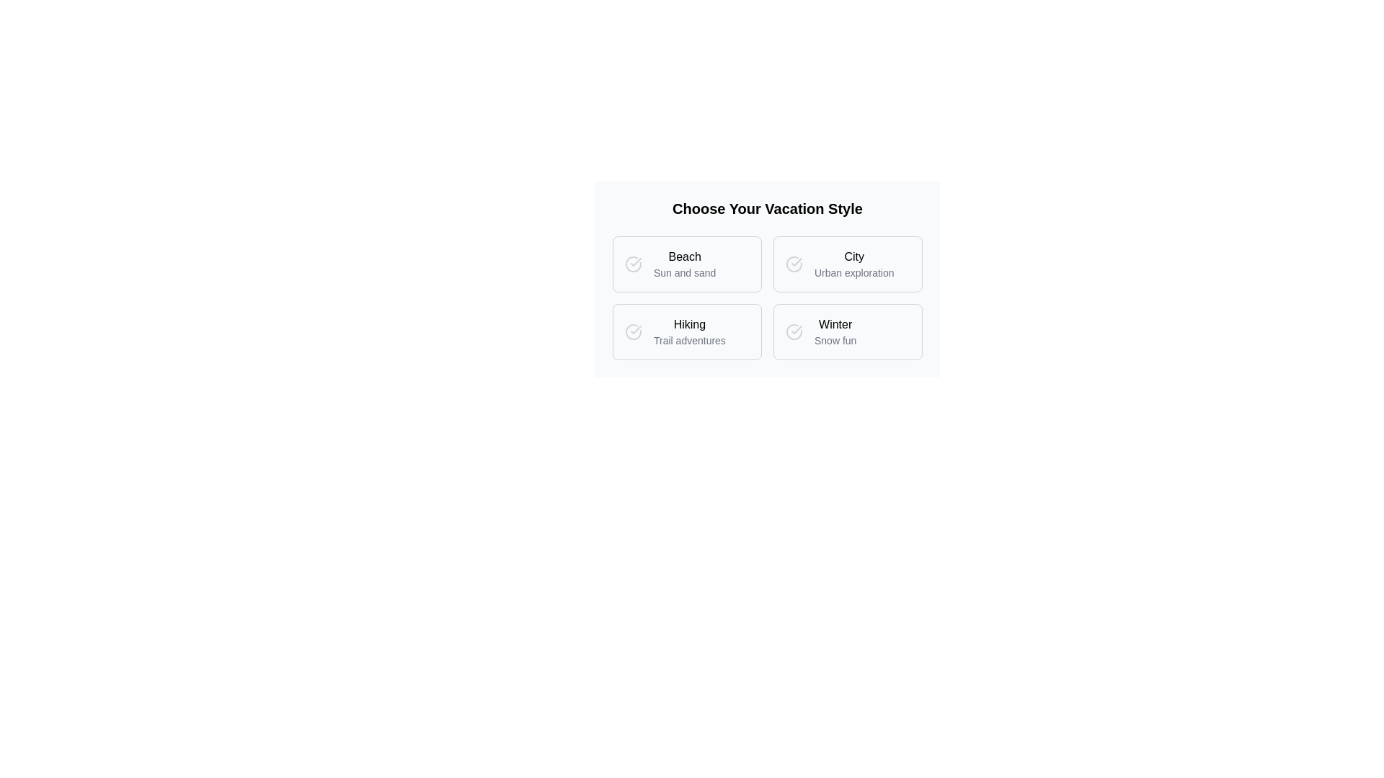 This screenshot has width=1384, height=778. Describe the element at coordinates (794, 332) in the screenshot. I see `the circular gray icon with a checkmark located to the left of the 'Winter' label in the option card` at that location.